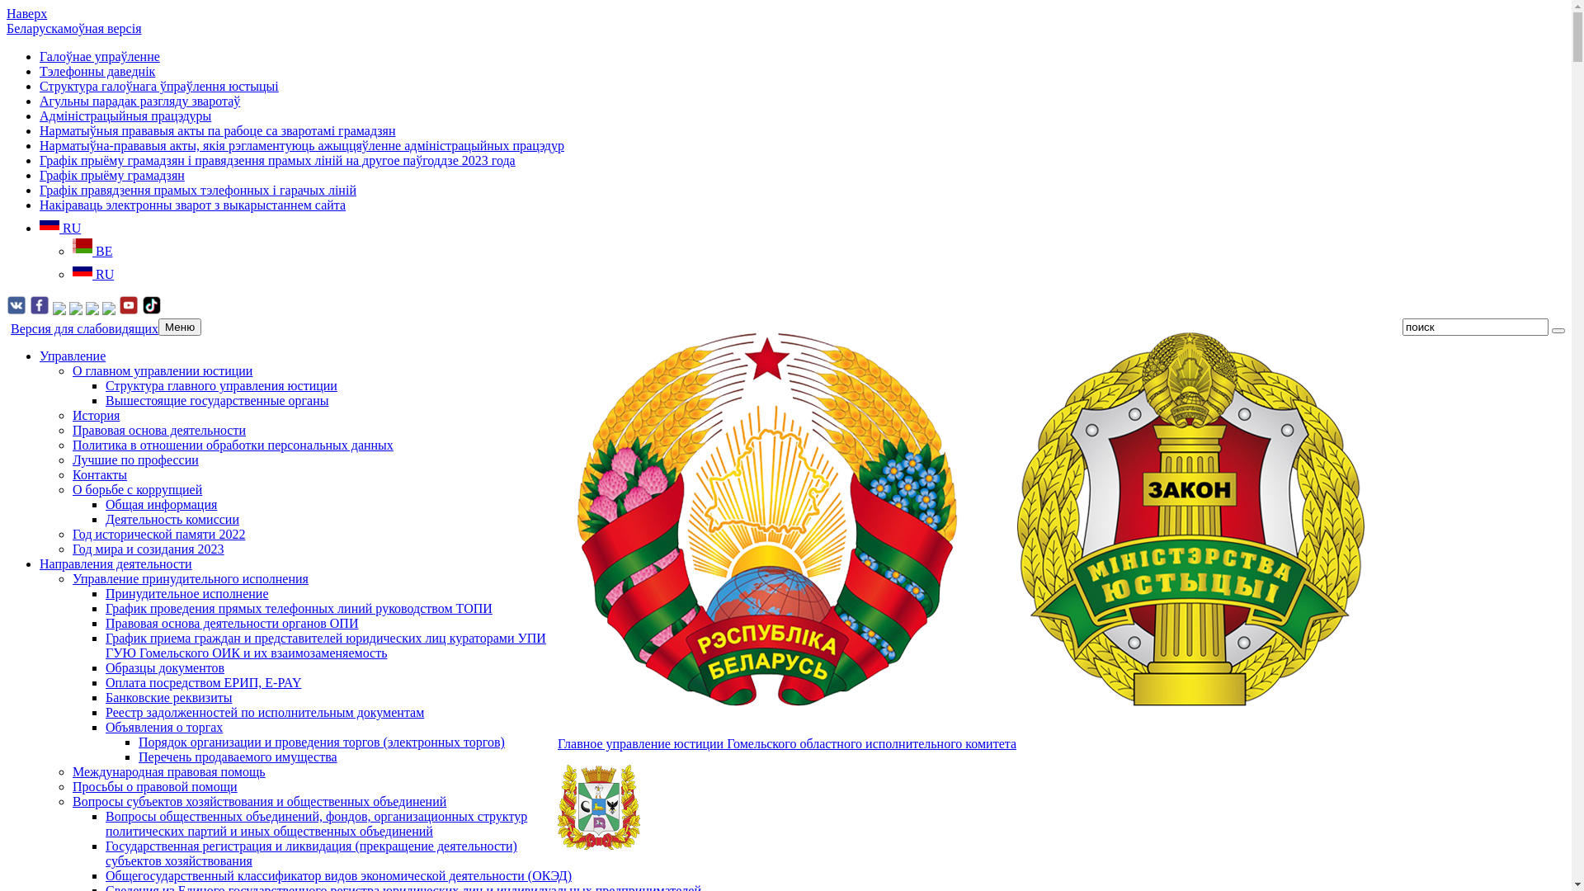 Image resolution: width=1584 pixels, height=891 pixels. What do you see at coordinates (91, 251) in the screenshot?
I see `'BE'` at bounding box center [91, 251].